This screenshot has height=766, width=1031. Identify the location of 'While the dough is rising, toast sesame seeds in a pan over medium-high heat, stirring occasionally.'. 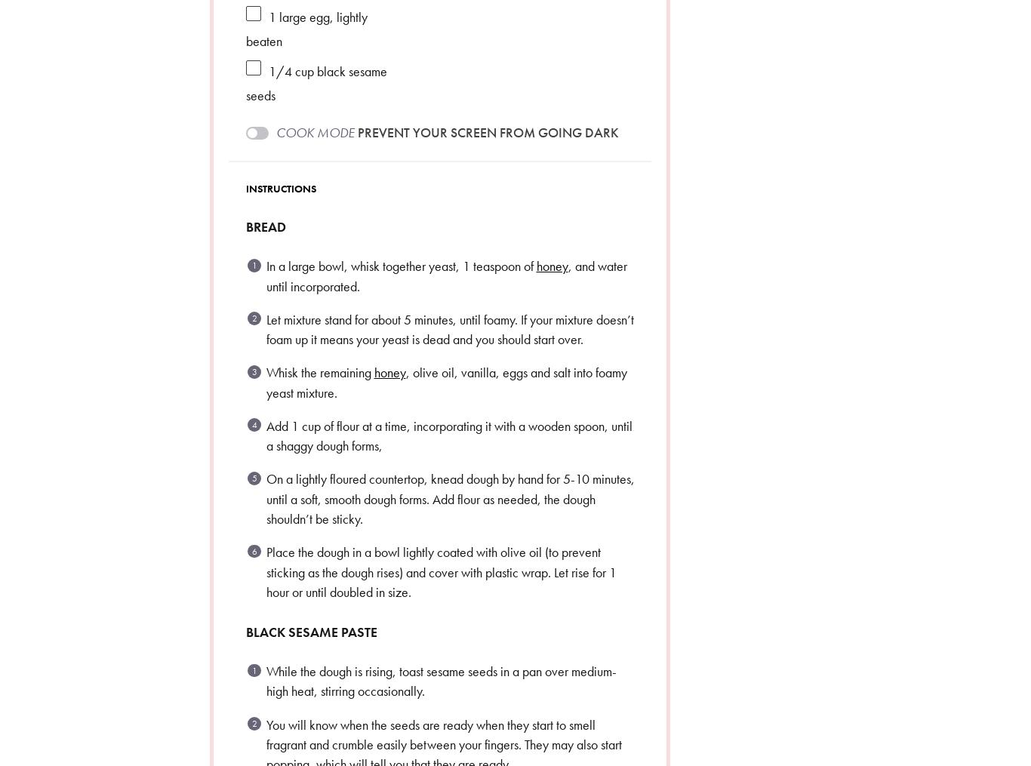
(439, 680).